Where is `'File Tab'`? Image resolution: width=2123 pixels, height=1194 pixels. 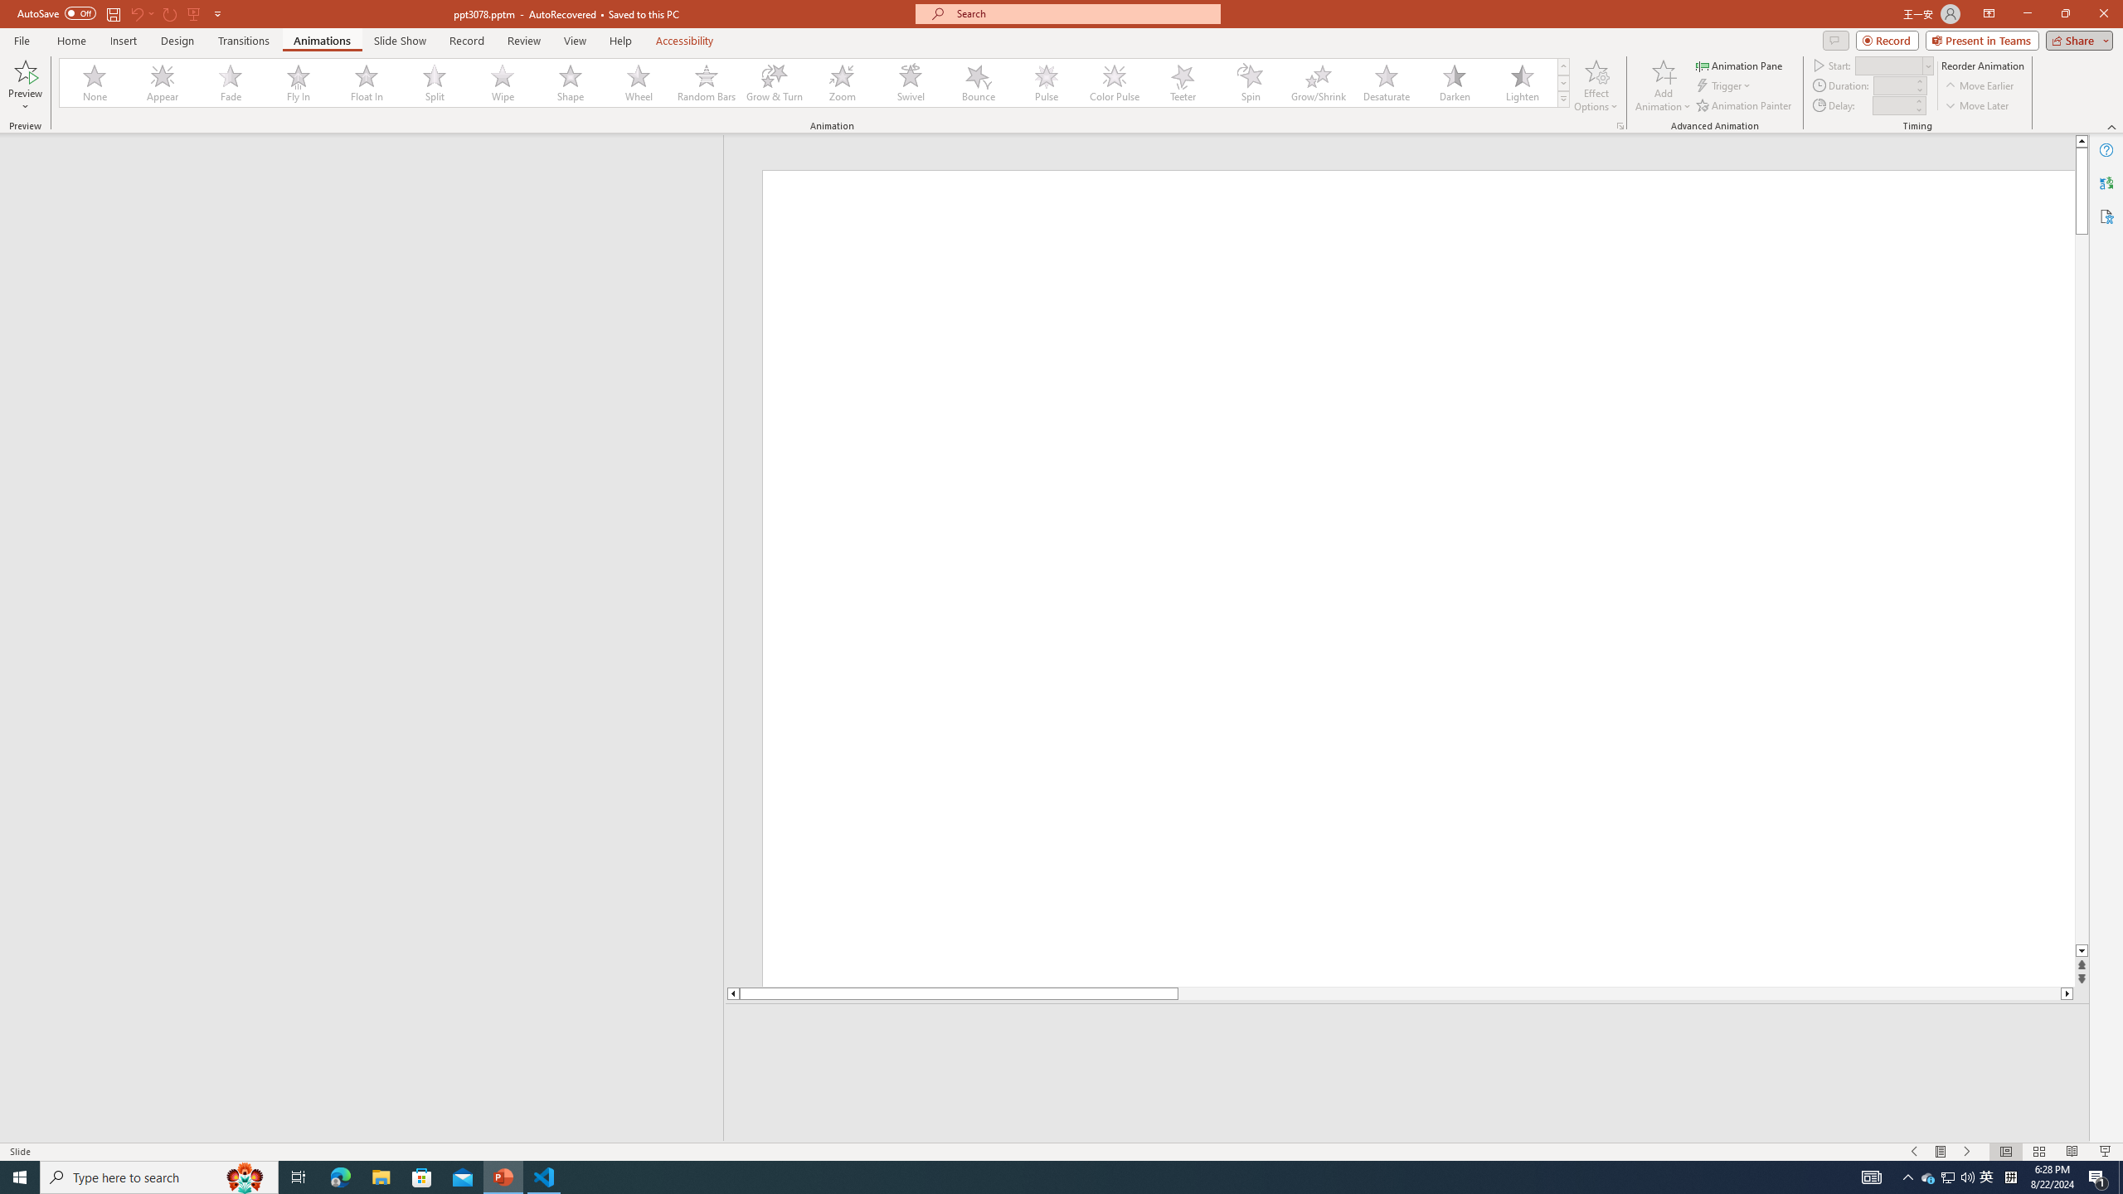 'File Tab' is located at coordinates (21, 39).